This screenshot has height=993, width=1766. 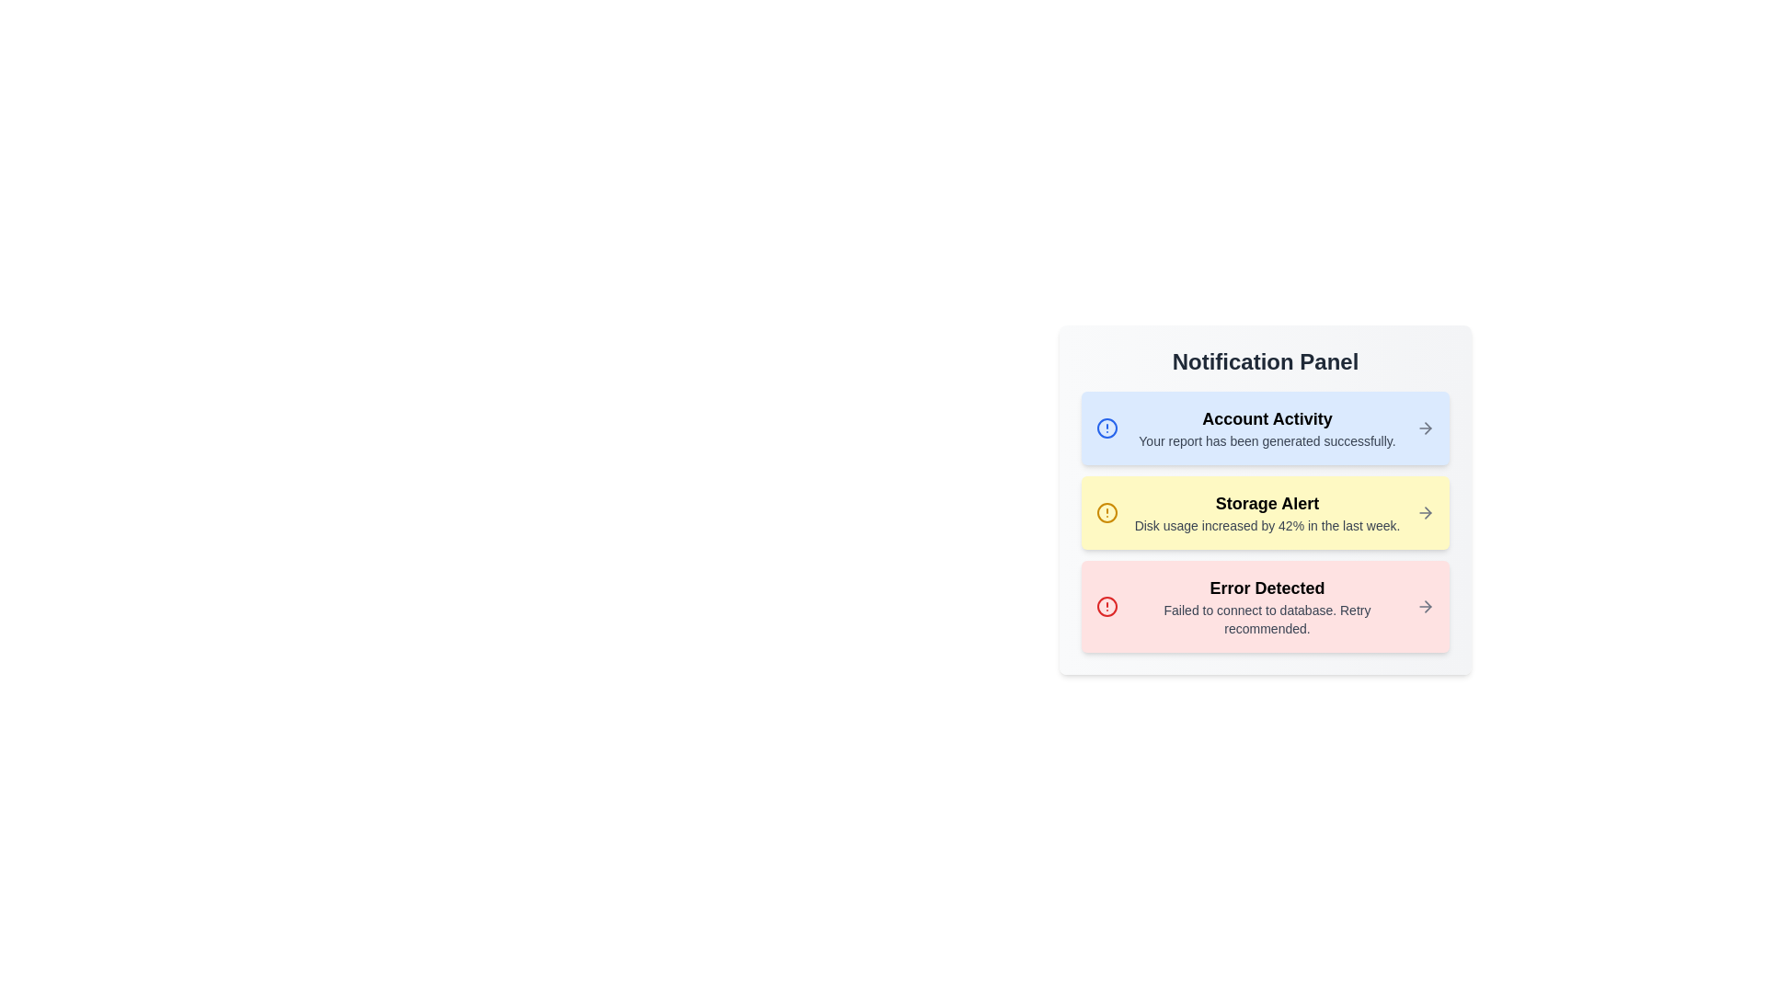 What do you see at coordinates (1107, 513) in the screenshot?
I see `the notification icon corresponding to Storage Alert` at bounding box center [1107, 513].